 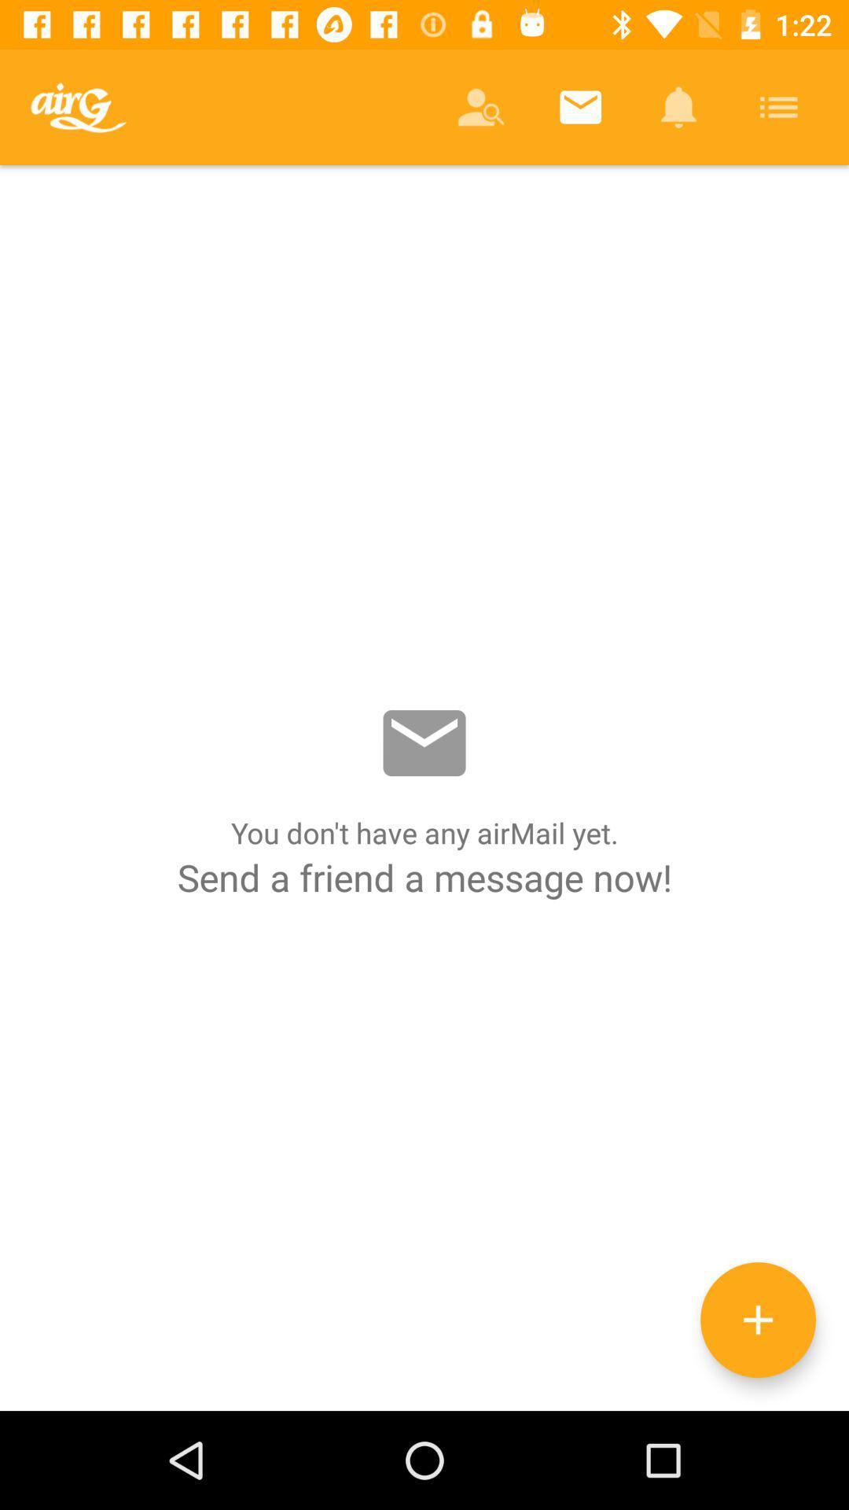 What do you see at coordinates (424, 788) in the screenshot?
I see `main application screen` at bounding box center [424, 788].